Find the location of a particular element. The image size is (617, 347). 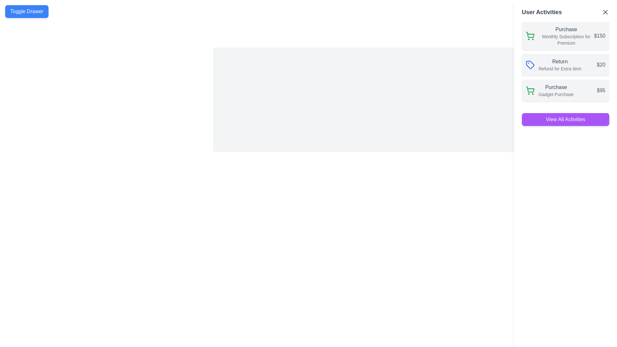

value displayed by the price label '$150' in the 'User Activities' panel, which is associated with the 'Monthly Subscription for Premium' is located at coordinates (599, 36).